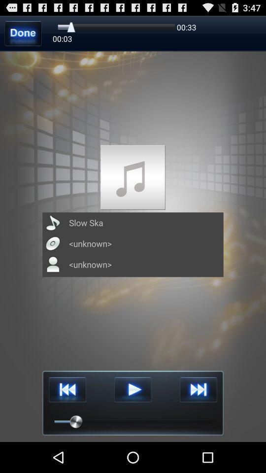  I want to click on reverse, so click(67, 390).